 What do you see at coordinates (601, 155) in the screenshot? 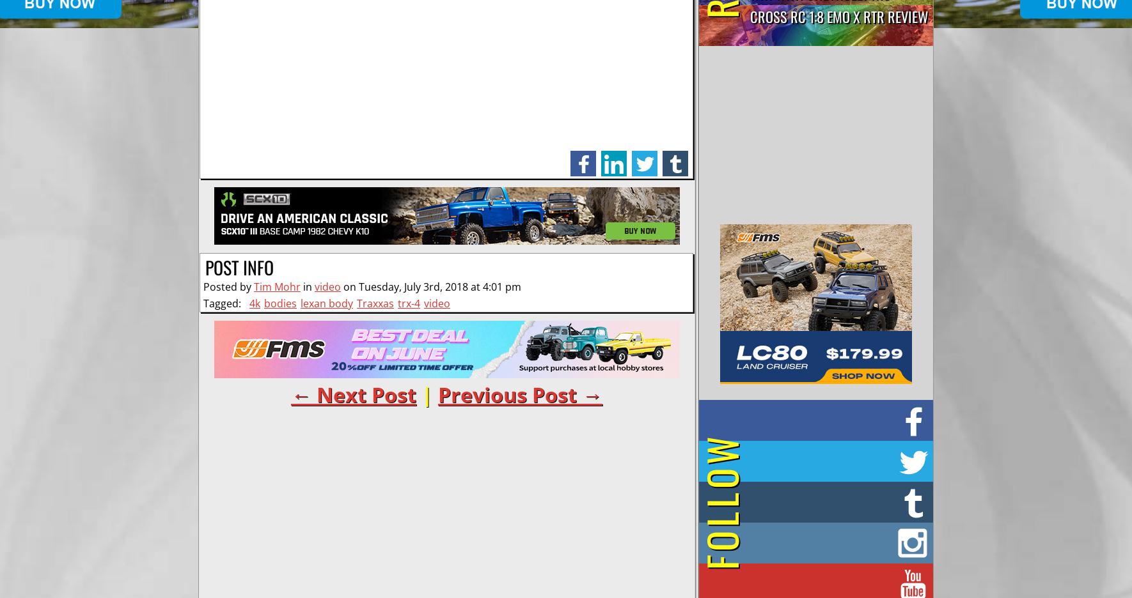
I see `'linkedin'` at bounding box center [601, 155].